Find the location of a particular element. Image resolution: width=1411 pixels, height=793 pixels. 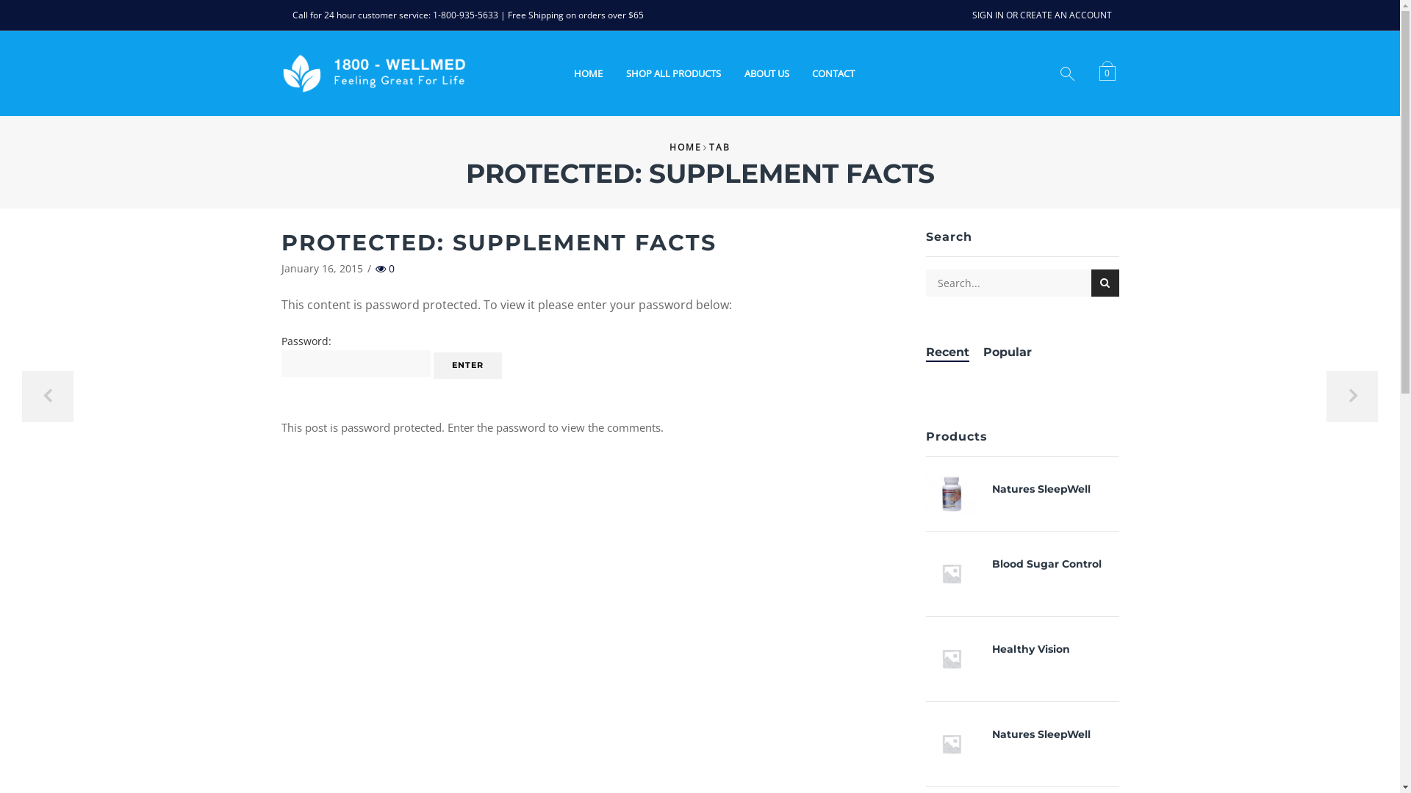

'CONTACT' is located at coordinates (833, 73).